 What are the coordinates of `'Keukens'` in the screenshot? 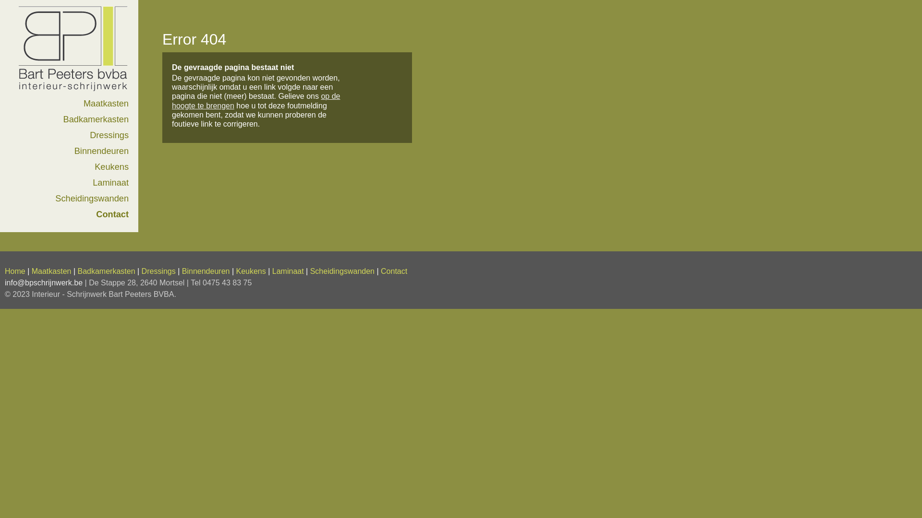 It's located at (235, 271).